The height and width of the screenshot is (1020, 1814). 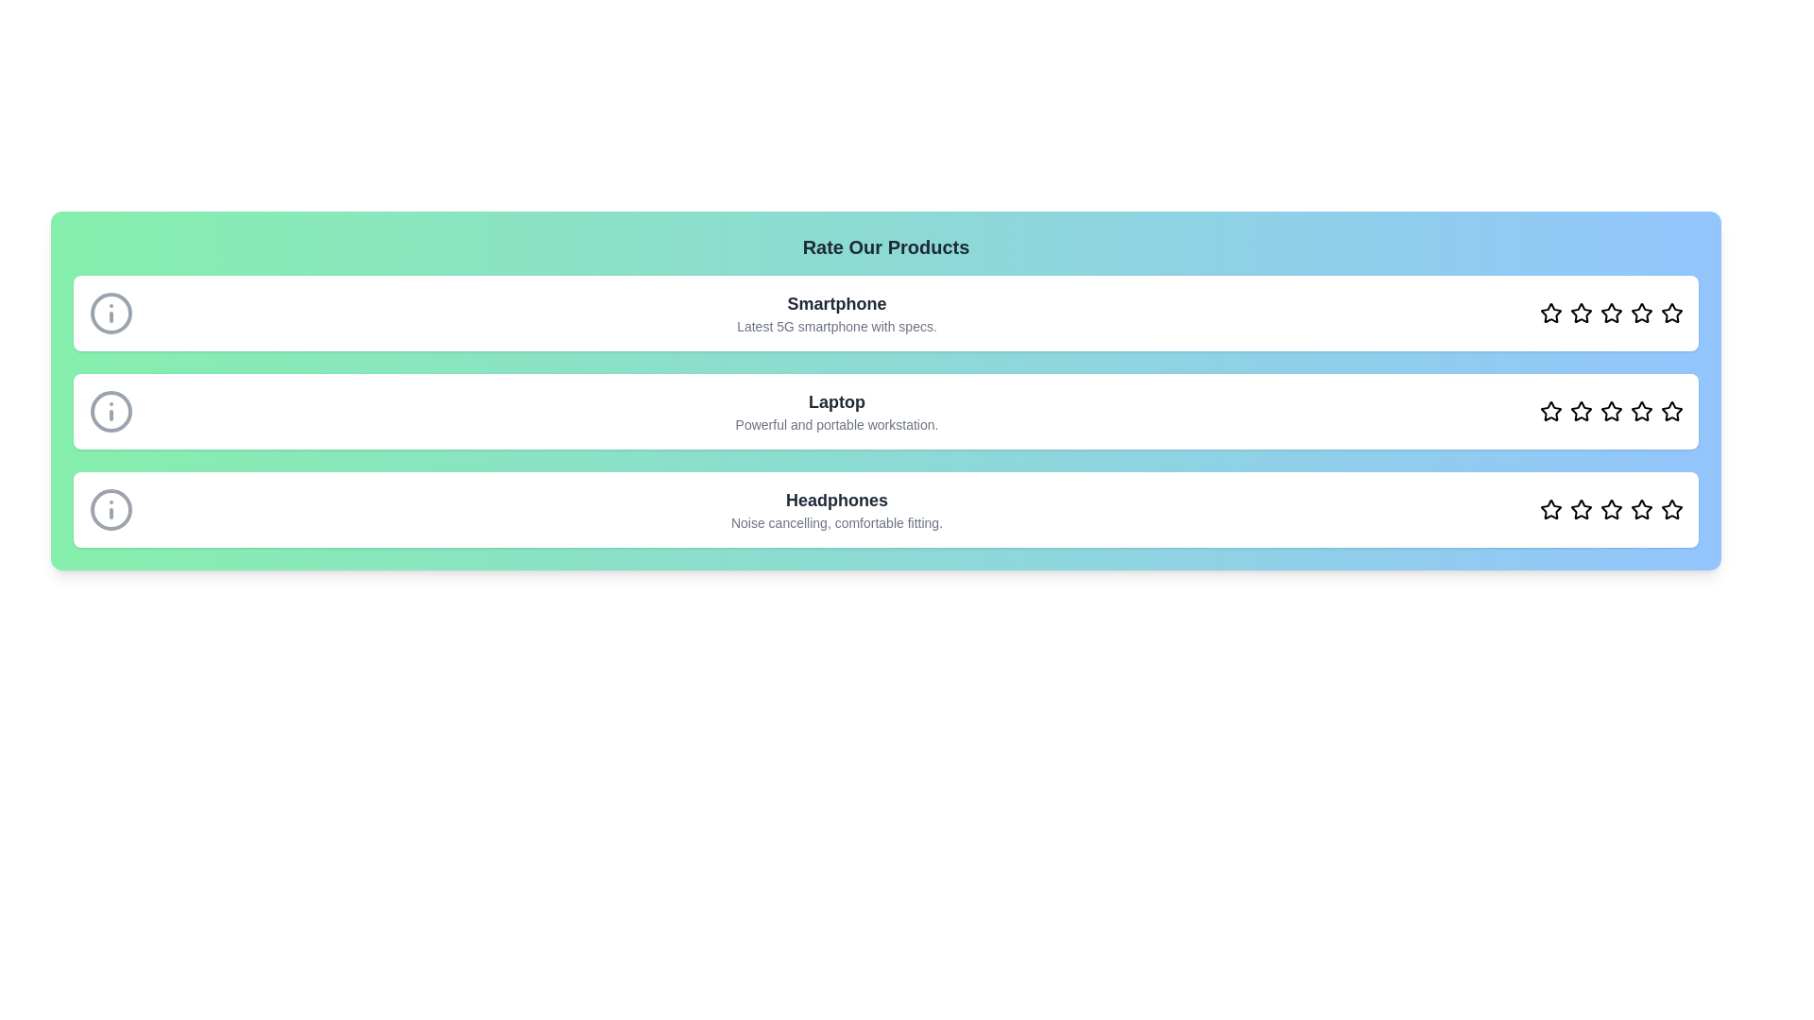 What do you see at coordinates (1610, 410) in the screenshot?
I see `the third star icon in the star rating component to set a three-star rating` at bounding box center [1610, 410].